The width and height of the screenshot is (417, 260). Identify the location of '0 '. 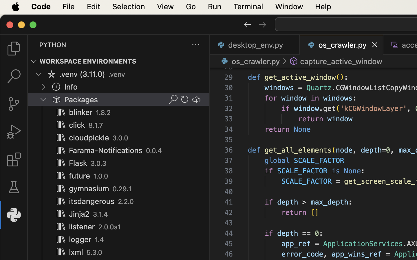
(13, 76).